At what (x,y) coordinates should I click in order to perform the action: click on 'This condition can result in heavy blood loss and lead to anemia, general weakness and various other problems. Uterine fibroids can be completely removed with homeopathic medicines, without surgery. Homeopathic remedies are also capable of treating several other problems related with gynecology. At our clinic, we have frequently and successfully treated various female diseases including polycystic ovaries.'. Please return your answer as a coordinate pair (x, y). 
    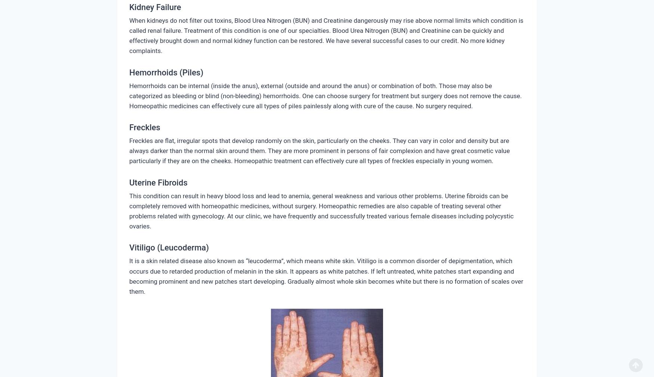
    Looking at the image, I should click on (321, 210).